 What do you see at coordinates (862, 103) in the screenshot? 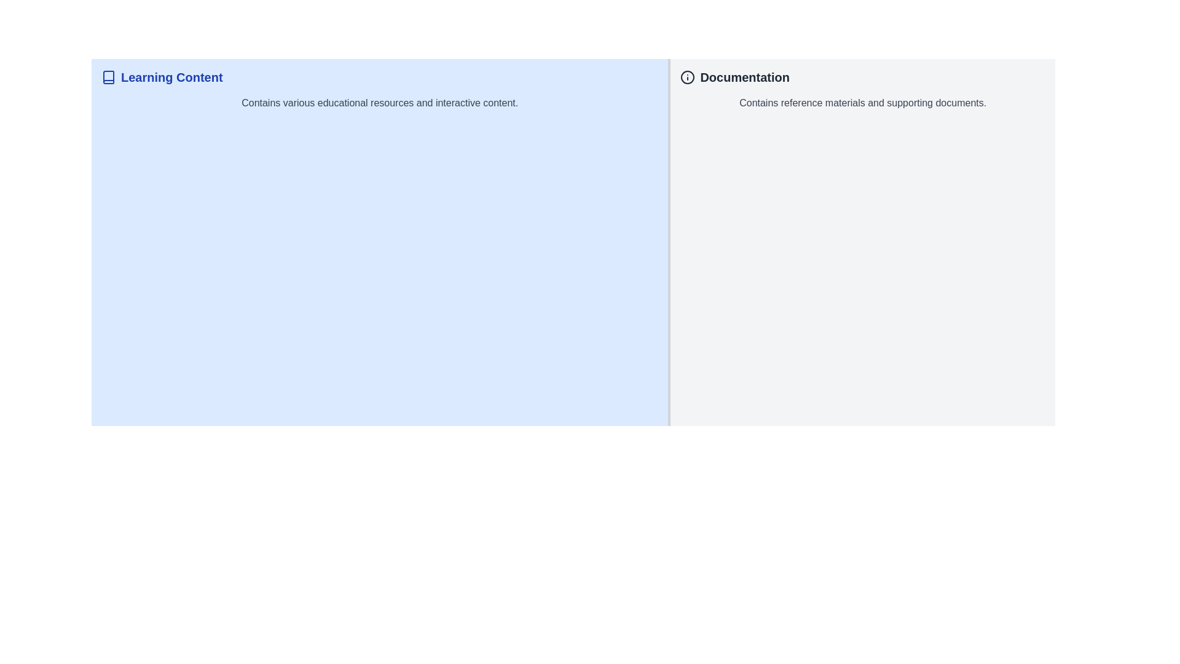
I see `the static text label displaying 'Contains reference materials and supporting documents.' located beneath the heading 'Documentation' in the right panel of the interface` at bounding box center [862, 103].